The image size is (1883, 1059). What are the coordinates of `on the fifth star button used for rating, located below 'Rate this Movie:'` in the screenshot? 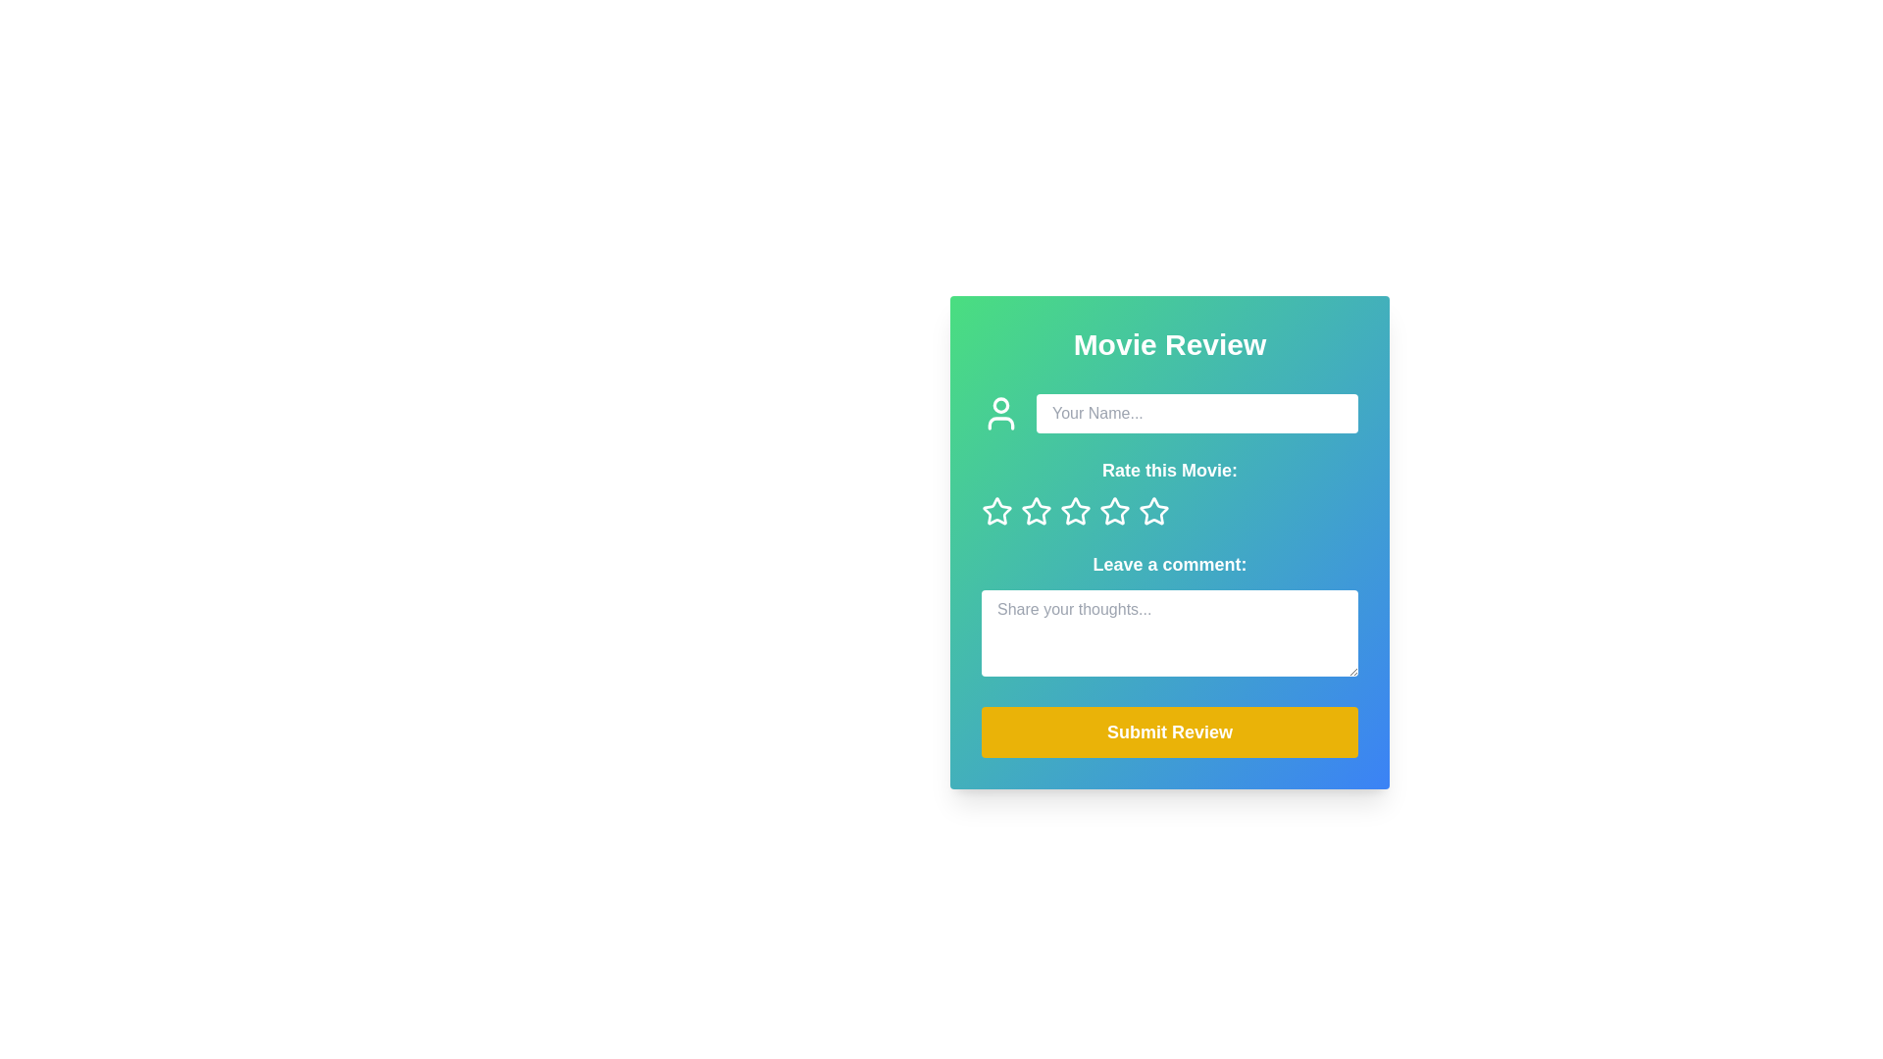 It's located at (1153, 510).